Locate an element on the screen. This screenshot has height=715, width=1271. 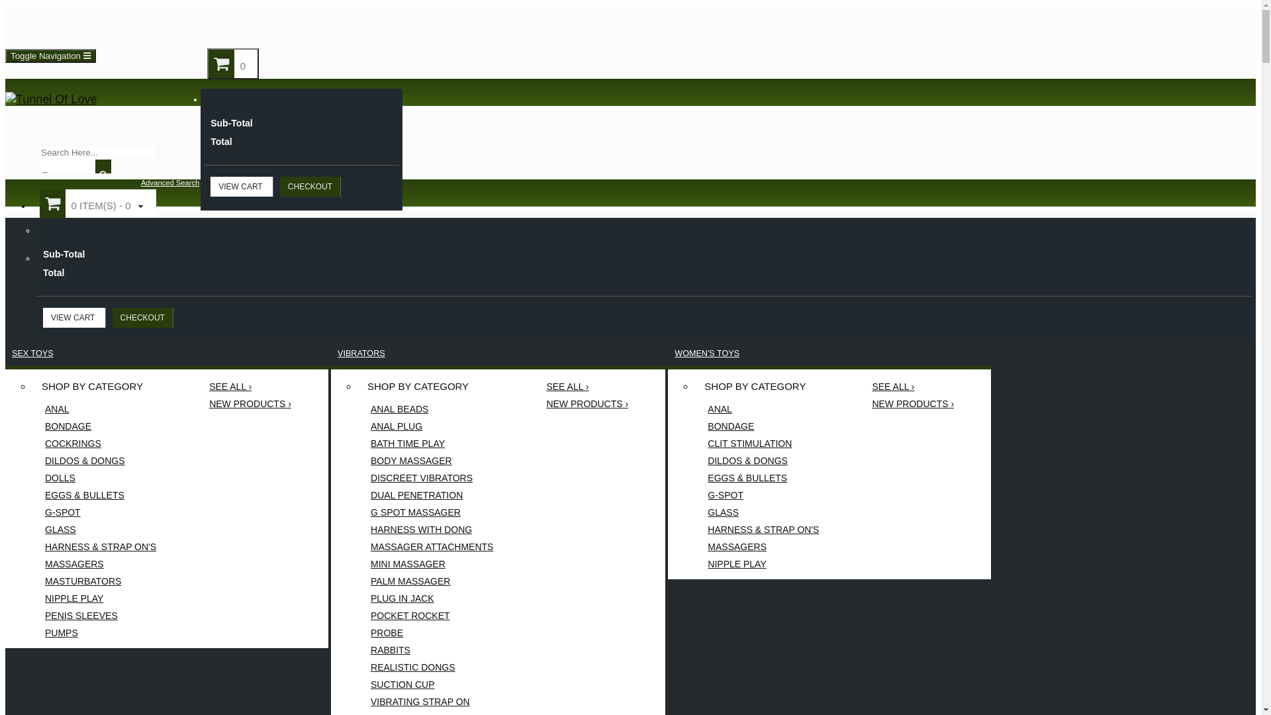
'COCKRINGS' is located at coordinates (100, 444).